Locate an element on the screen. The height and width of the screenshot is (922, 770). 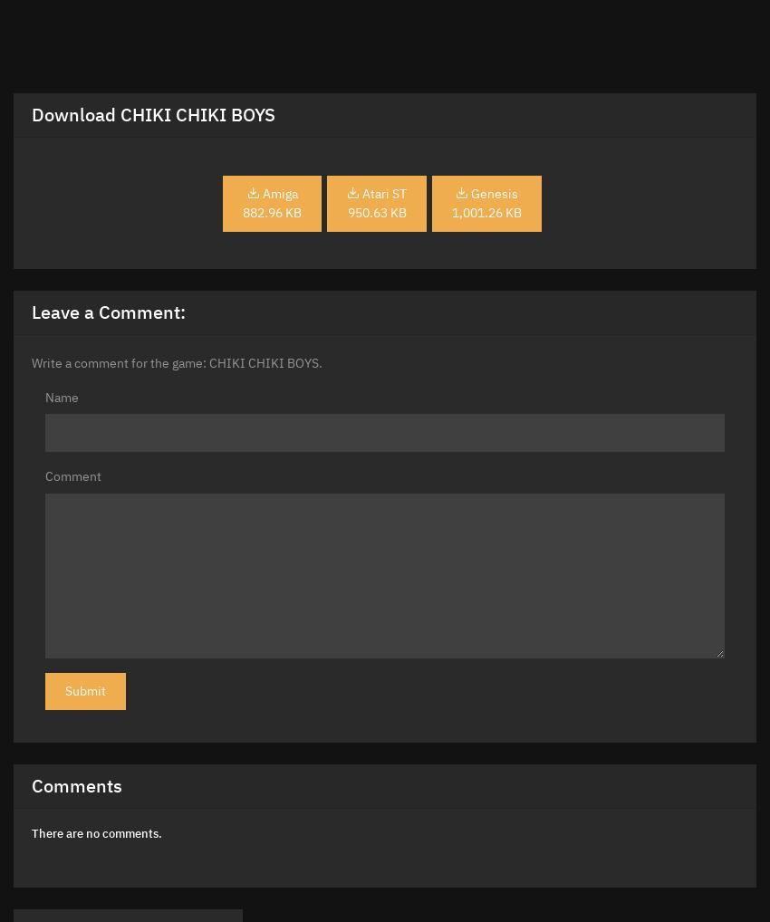
'Leave a Comment:' is located at coordinates (108, 311).